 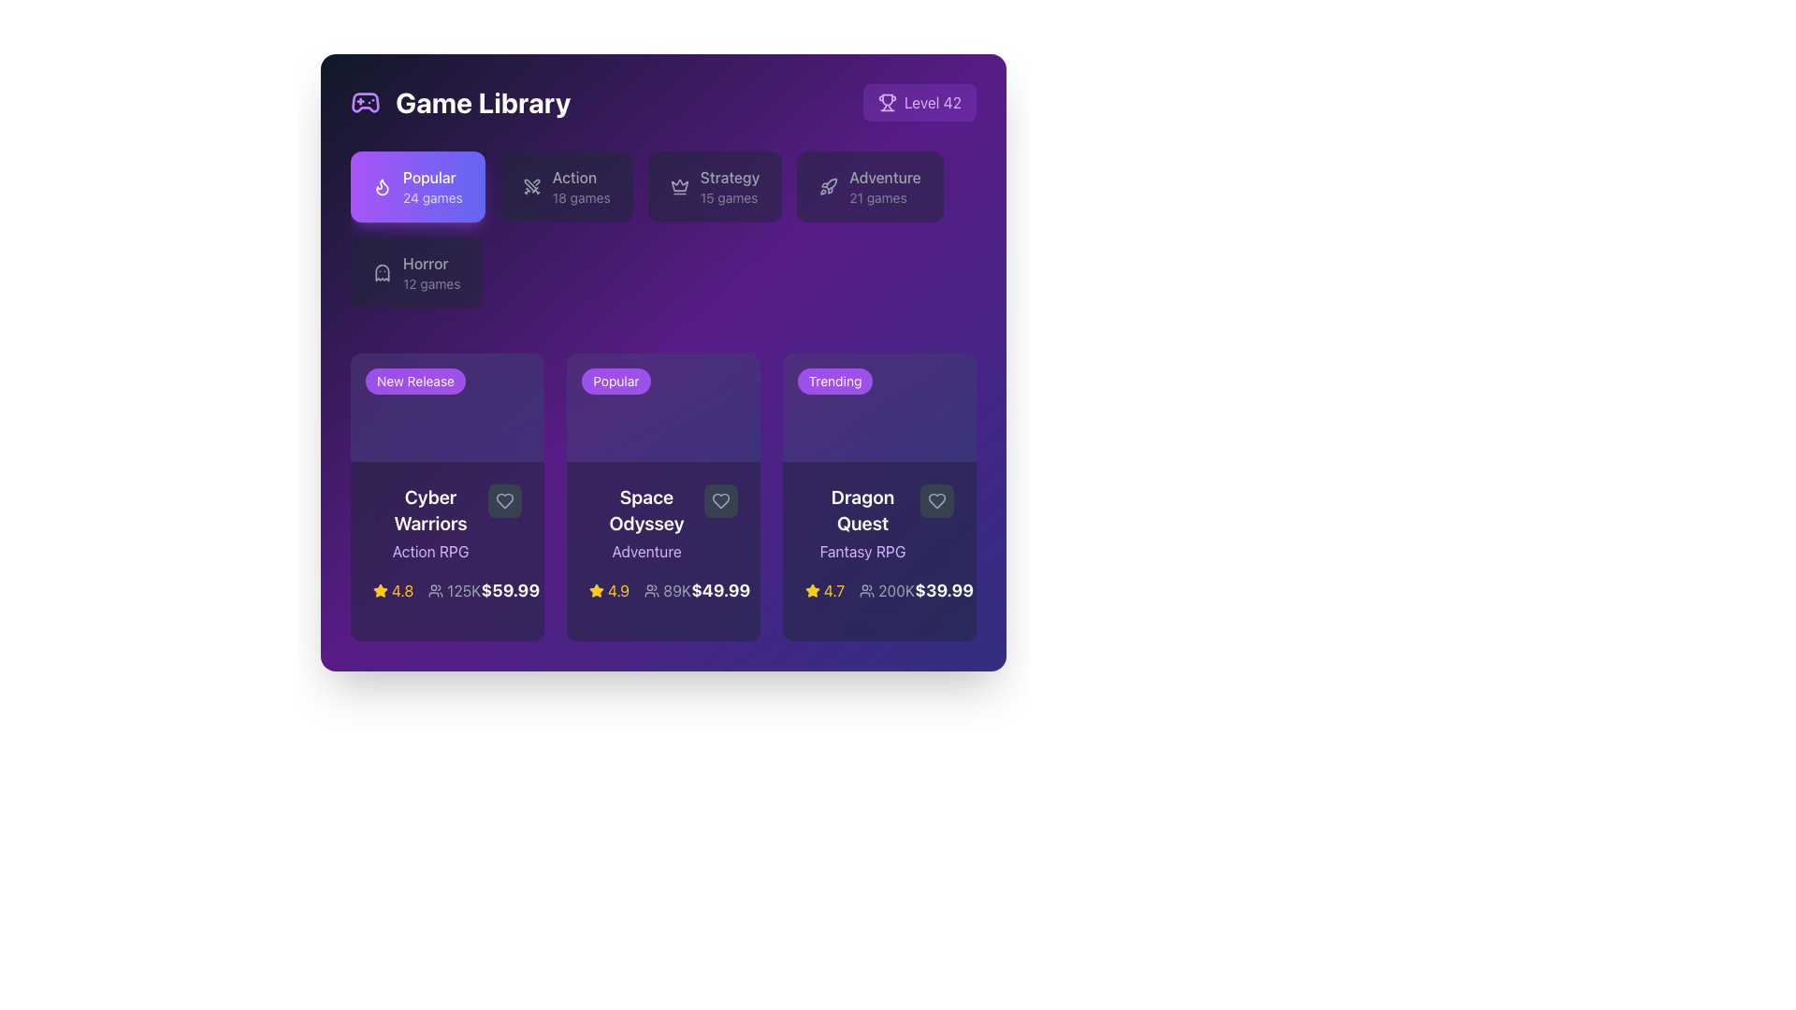 What do you see at coordinates (646, 551) in the screenshot?
I see `text content of the label that describes the genre or theme of the 'Space Odyssey' card, located underneath the header 'Space Odyssey' in the middle card of a three-card display section` at bounding box center [646, 551].